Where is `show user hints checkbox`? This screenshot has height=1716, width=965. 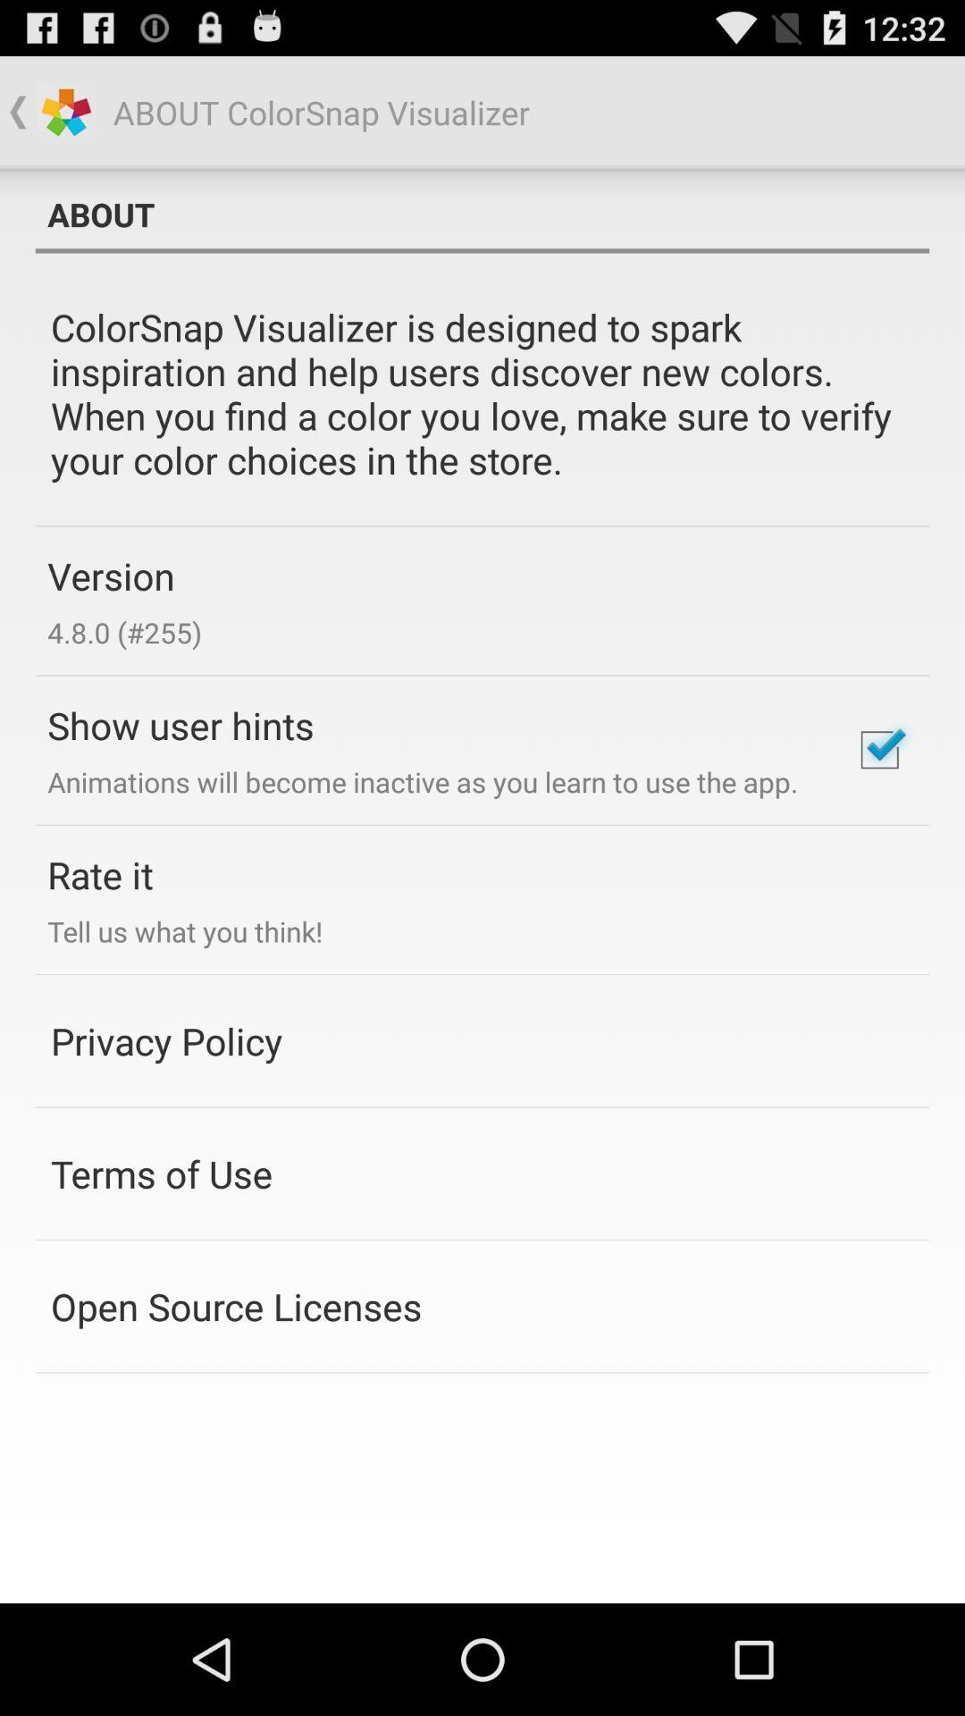 show user hints checkbox is located at coordinates (878, 750).